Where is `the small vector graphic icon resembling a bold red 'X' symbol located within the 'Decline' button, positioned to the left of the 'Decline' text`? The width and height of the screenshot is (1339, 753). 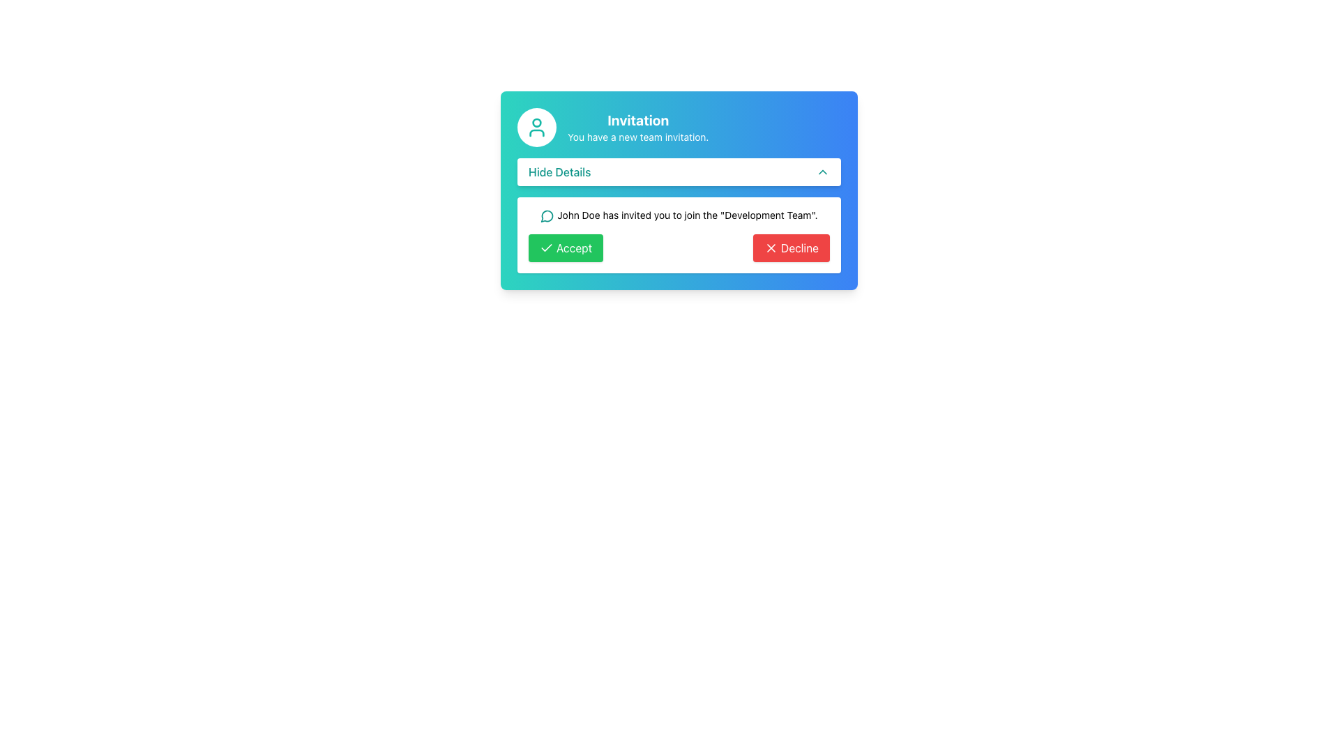
the small vector graphic icon resembling a bold red 'X' symbol located within the 'Decline' button, positioned to the left of the 'Decline' text is located at coordinates (770, 248).